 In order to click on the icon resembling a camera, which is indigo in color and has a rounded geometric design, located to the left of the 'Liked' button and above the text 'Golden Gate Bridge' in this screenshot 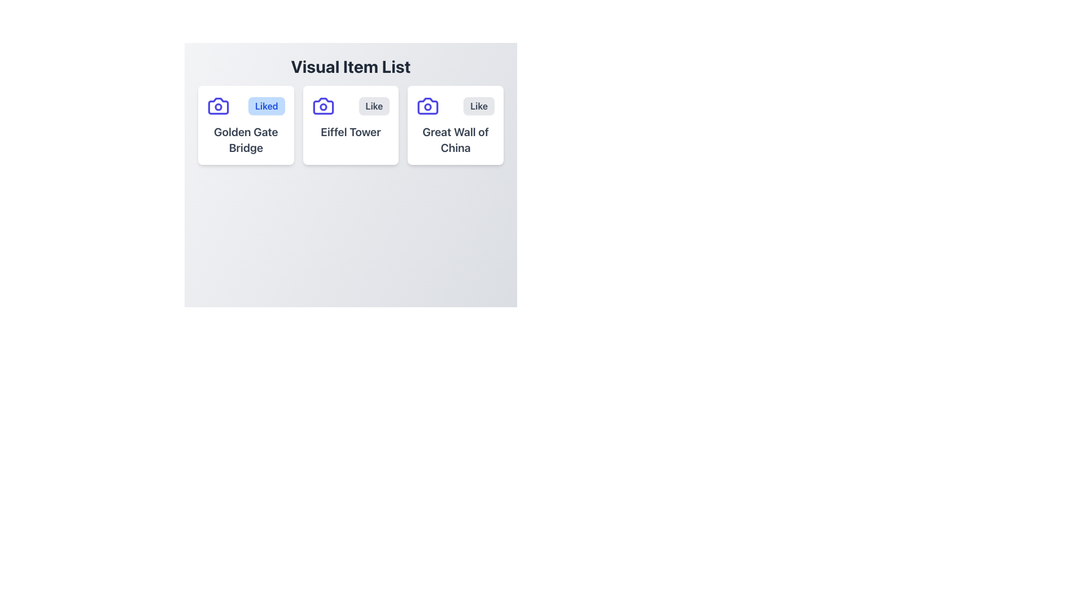, I will do `click(218, 106)`.